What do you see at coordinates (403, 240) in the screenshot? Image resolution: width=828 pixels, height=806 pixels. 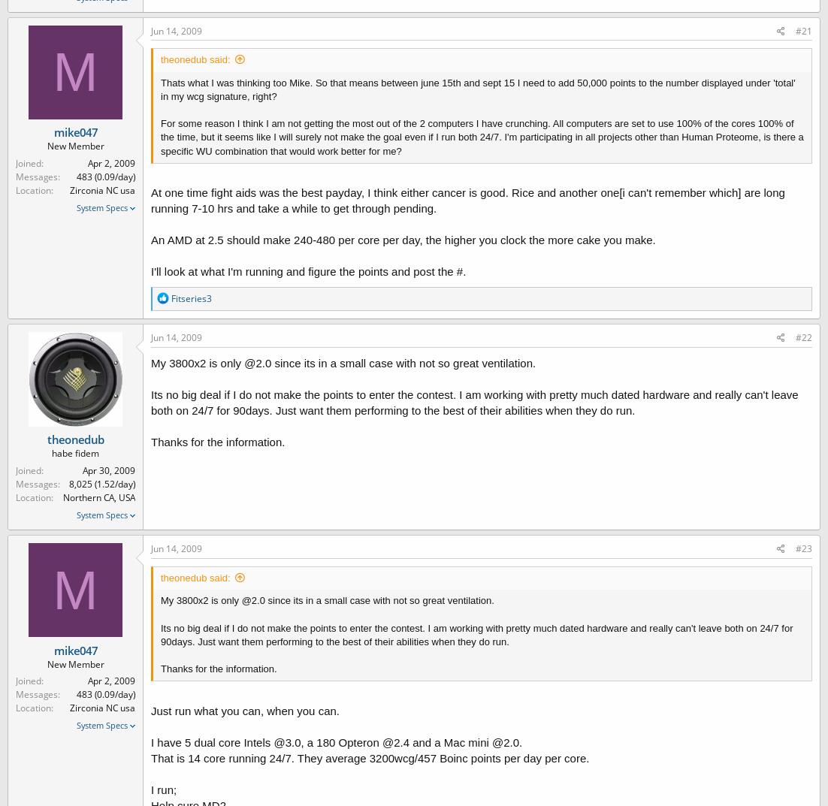 I see `'An AMD at 2.5 should make 240-480 per core per day, the higher you clock the more cake you make.'` at bounding box center [403, 240].